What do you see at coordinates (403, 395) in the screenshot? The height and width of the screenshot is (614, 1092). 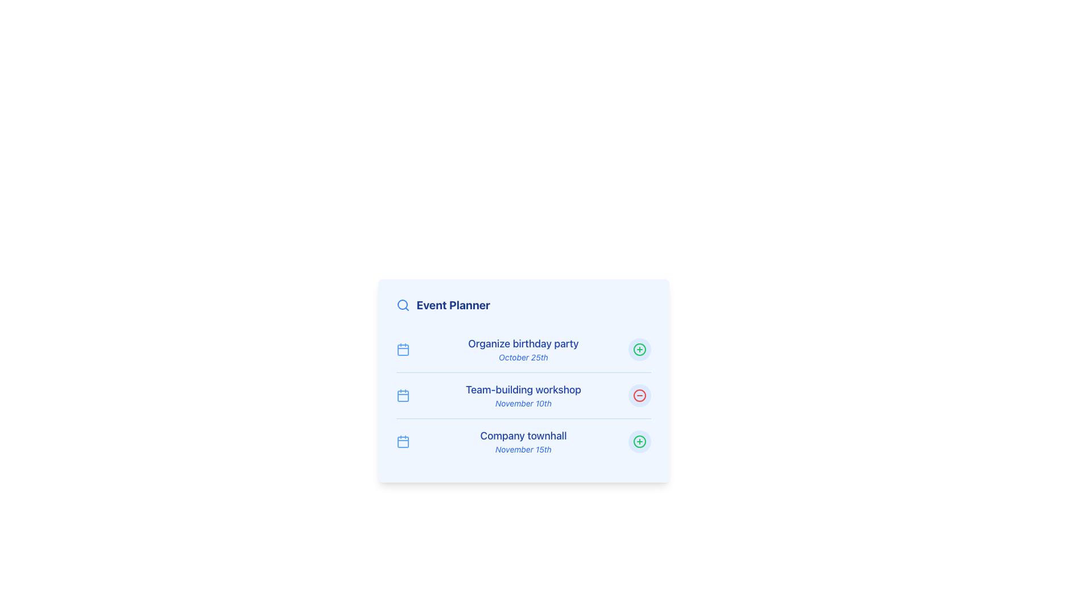 I see `the event icon located to the left of the 'Team-building workshop' title in the second row of the list under 'Event Planner'` at bounding box center [403, 395].